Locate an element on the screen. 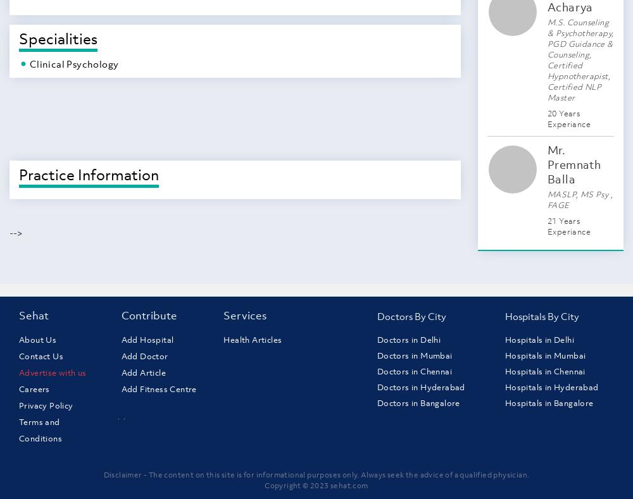 Image resolution: width=633 pixels, height=499 pixels. 'Contact Us' is located at coordinates (41, 355).